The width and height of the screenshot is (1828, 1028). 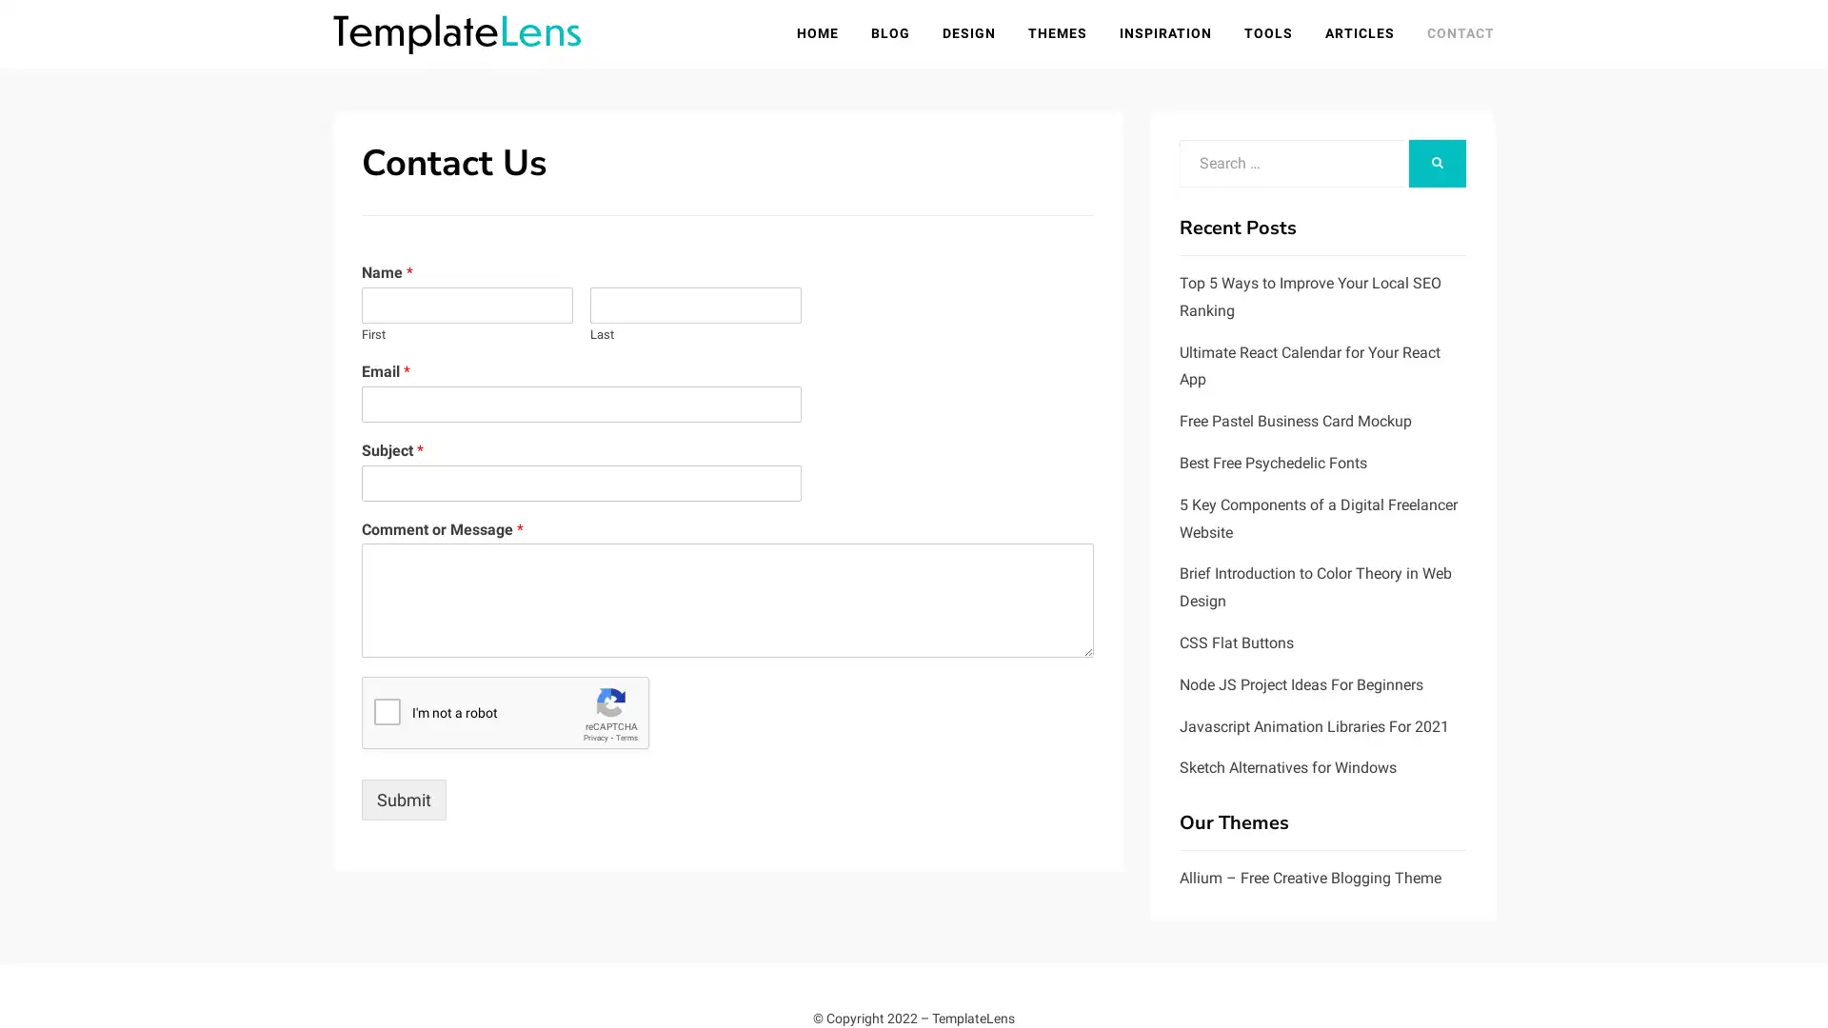 I want to click on Submit, so click(x=403, y=800).